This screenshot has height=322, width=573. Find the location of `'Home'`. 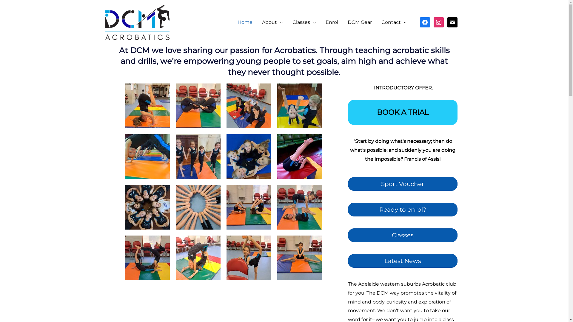

'Home' is located at coordinates (245, 22).